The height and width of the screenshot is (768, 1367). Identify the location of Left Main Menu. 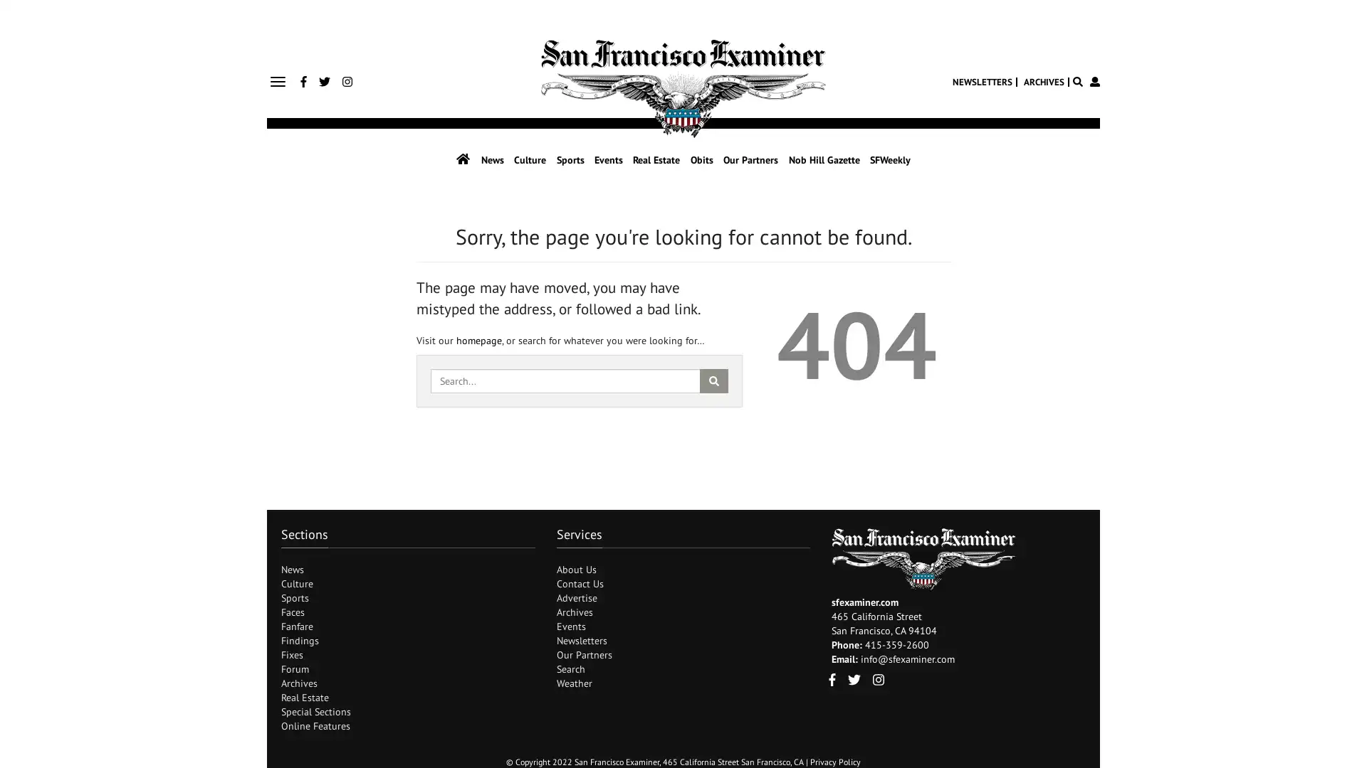
(278, 82).